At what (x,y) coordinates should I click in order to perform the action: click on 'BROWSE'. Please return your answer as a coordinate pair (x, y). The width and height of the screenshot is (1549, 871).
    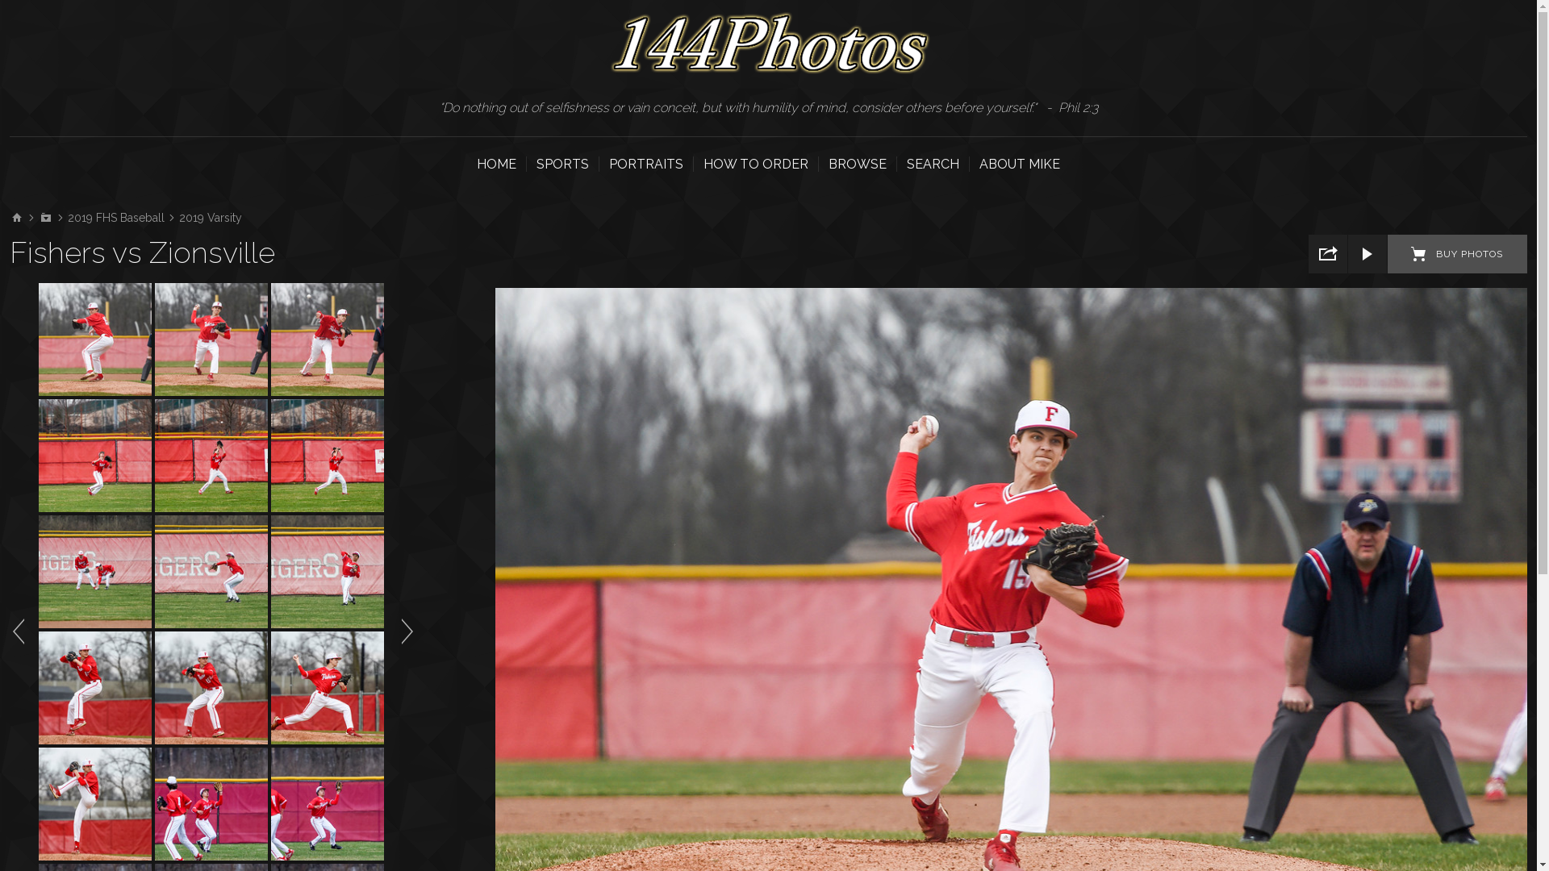
    Looking at the image, I should click on (856, 164).